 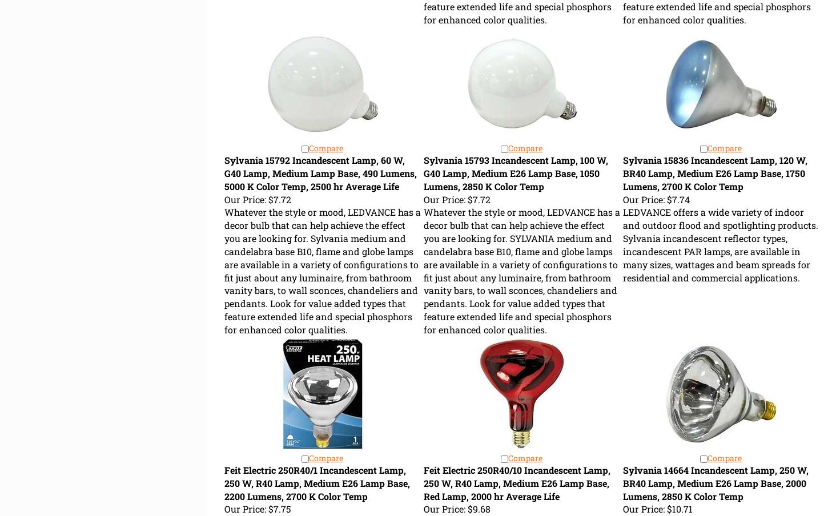 I want to click on 'Sylvania 14664 Incandescent Lamp, 250 W, BR40 Lamp, Medium E26 Lamp Base, 2000 Lumens, 2850 K Color Temp', so click(x=715, y=482).